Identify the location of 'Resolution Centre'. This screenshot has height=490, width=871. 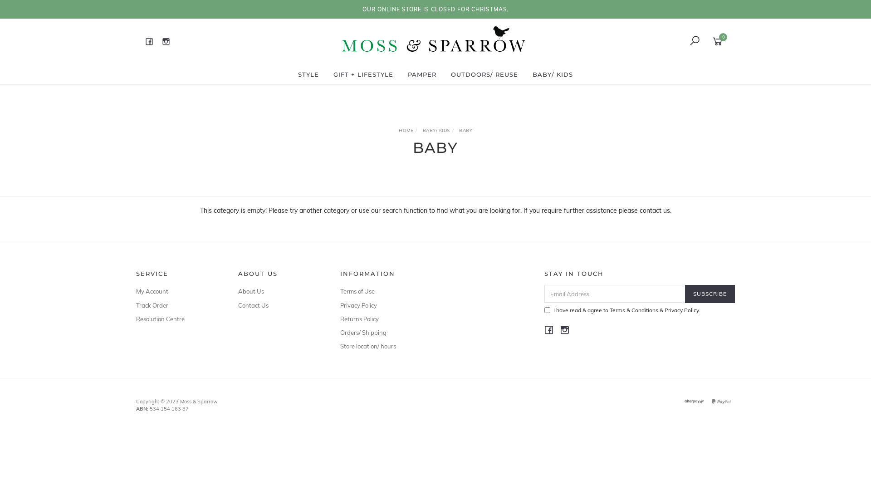
(135, 318).